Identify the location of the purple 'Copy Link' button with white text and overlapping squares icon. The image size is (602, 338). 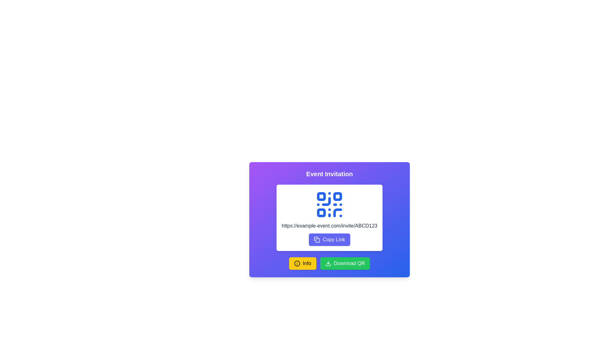
(329, 239).